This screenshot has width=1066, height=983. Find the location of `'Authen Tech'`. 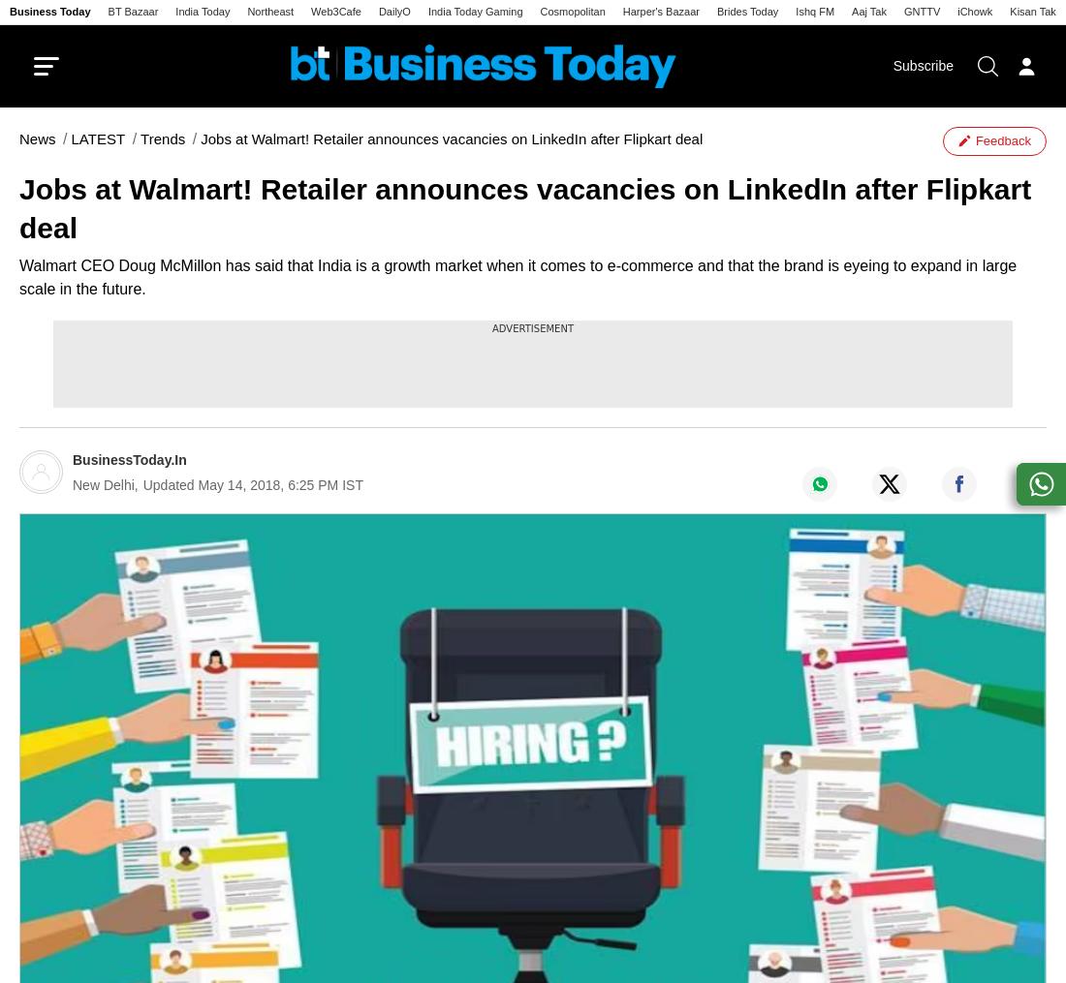

'Authen Tech' is located at coordinates (18, 925).